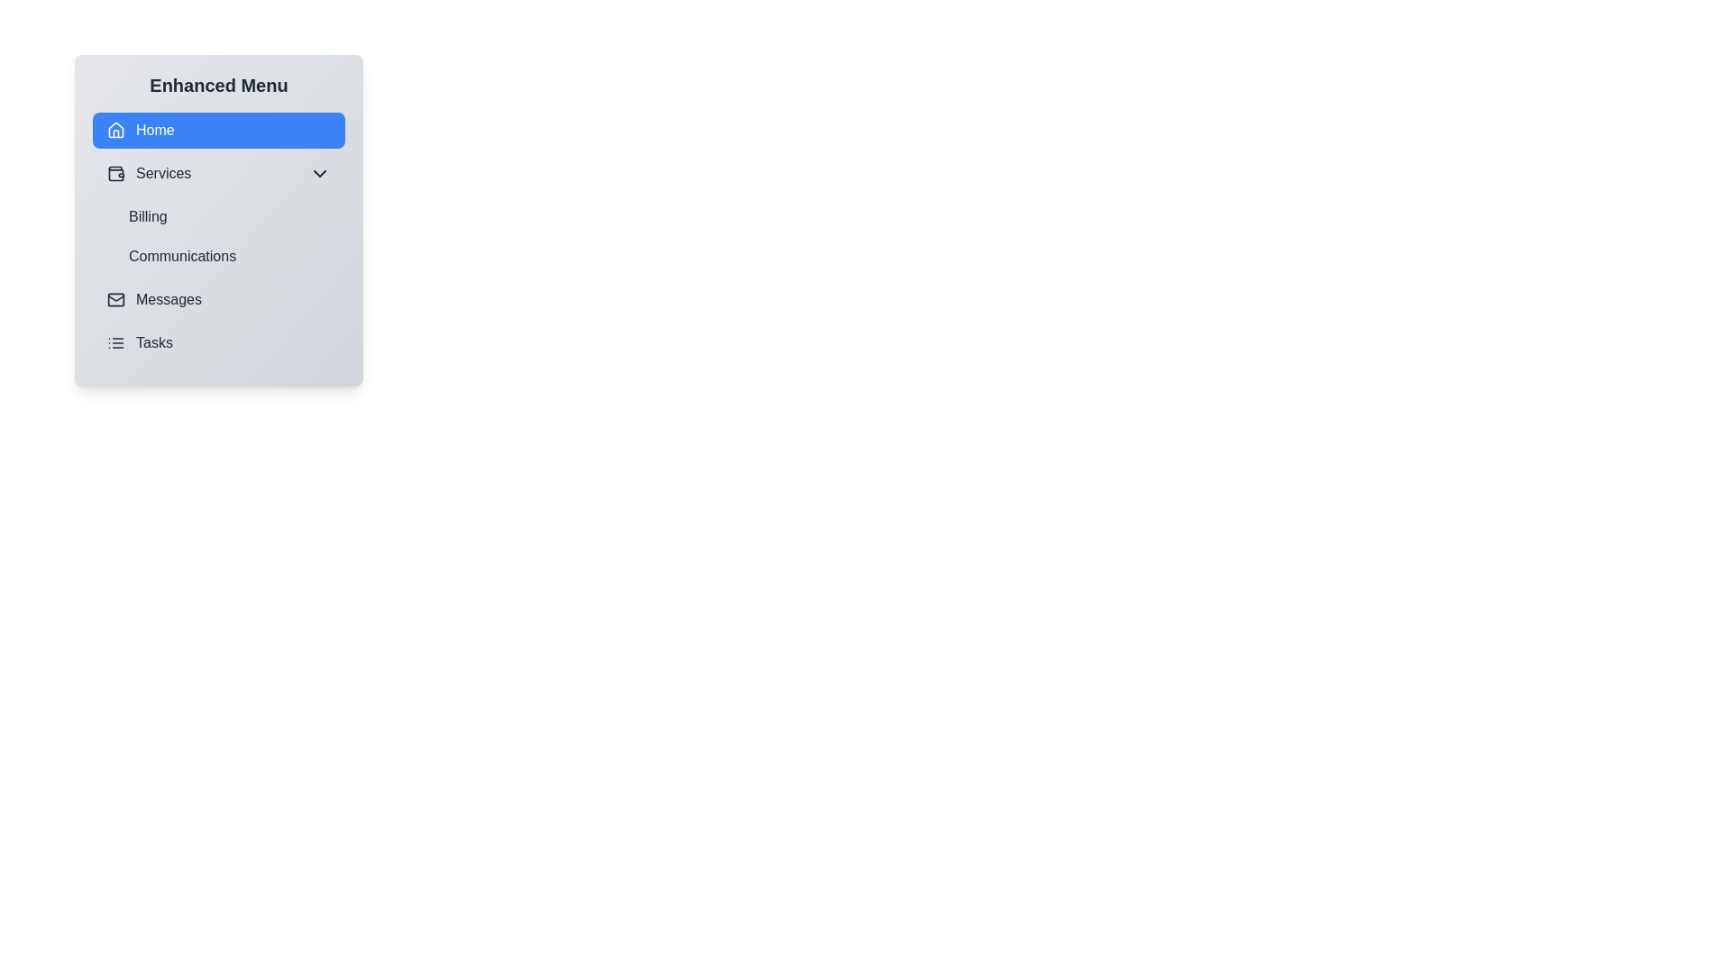 The height and width of the screenshot is (973, 1731). I want to click on the 'Home' button with a light blue background and a white house icon, located under the 'Enhanced Menu' header, so click(218, 130).